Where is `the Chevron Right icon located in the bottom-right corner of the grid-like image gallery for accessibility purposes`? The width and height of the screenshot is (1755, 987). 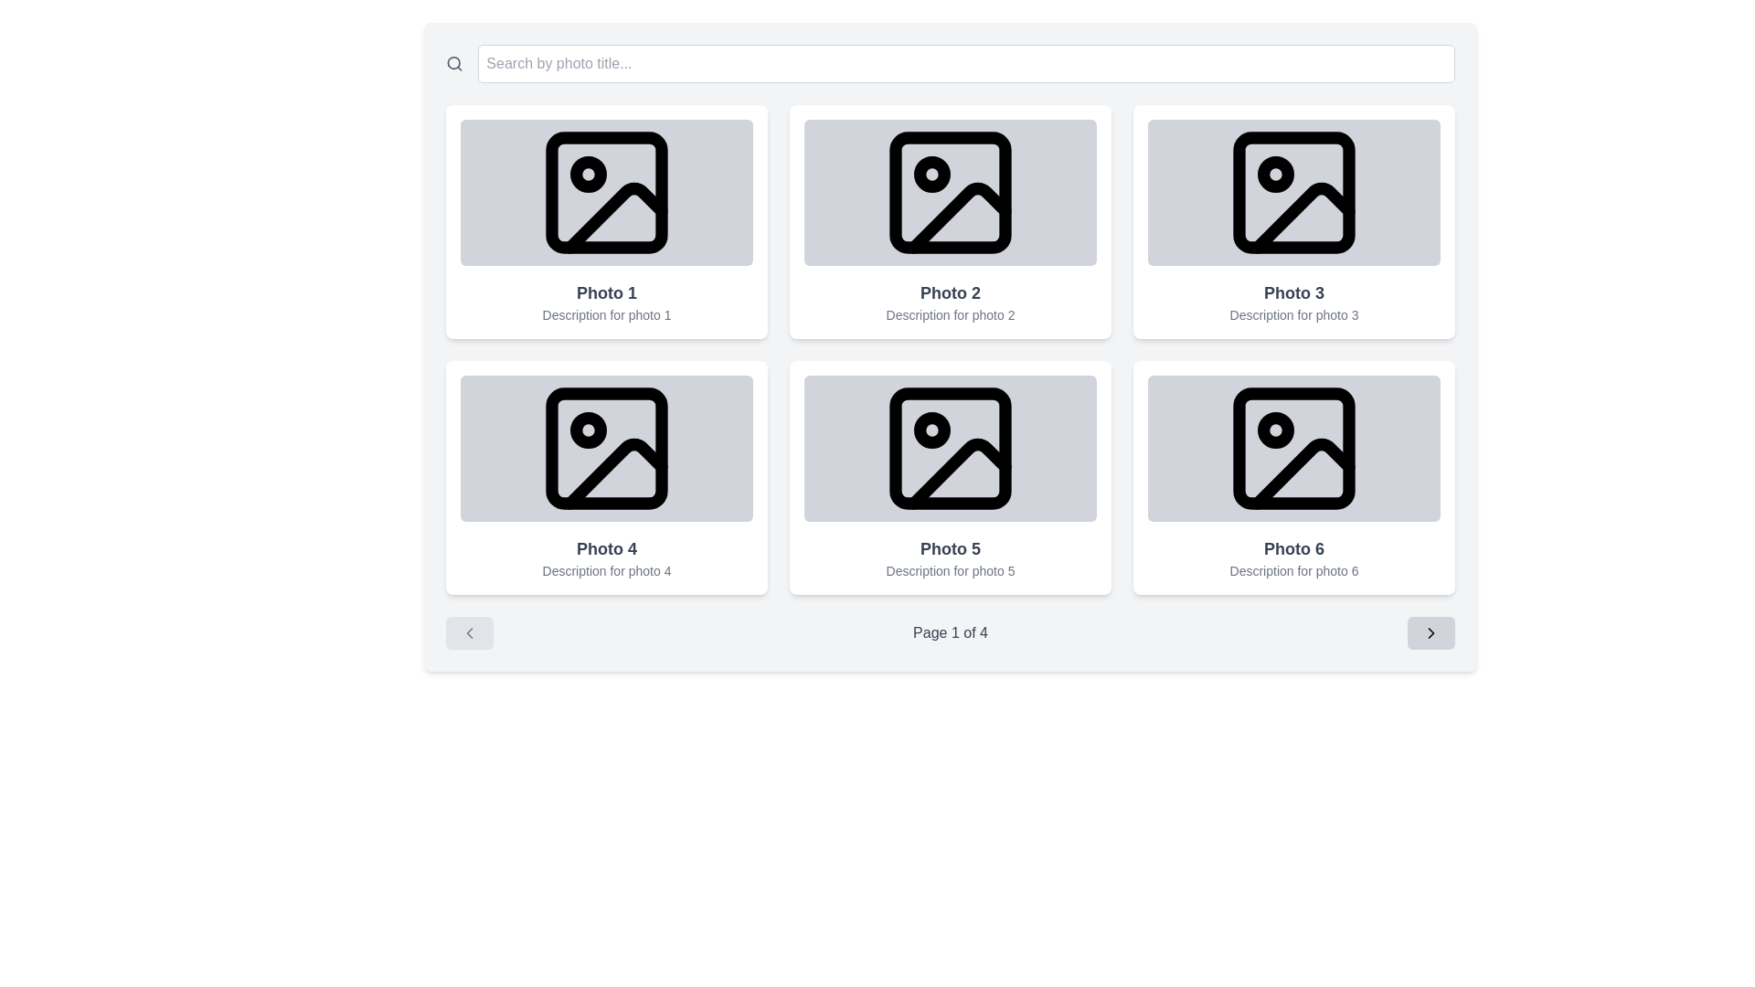
the Chevron Right icon located in the bottom-right corner of the grid-like image gallery for accessibility purposes is located at coordinates (1430, 632).